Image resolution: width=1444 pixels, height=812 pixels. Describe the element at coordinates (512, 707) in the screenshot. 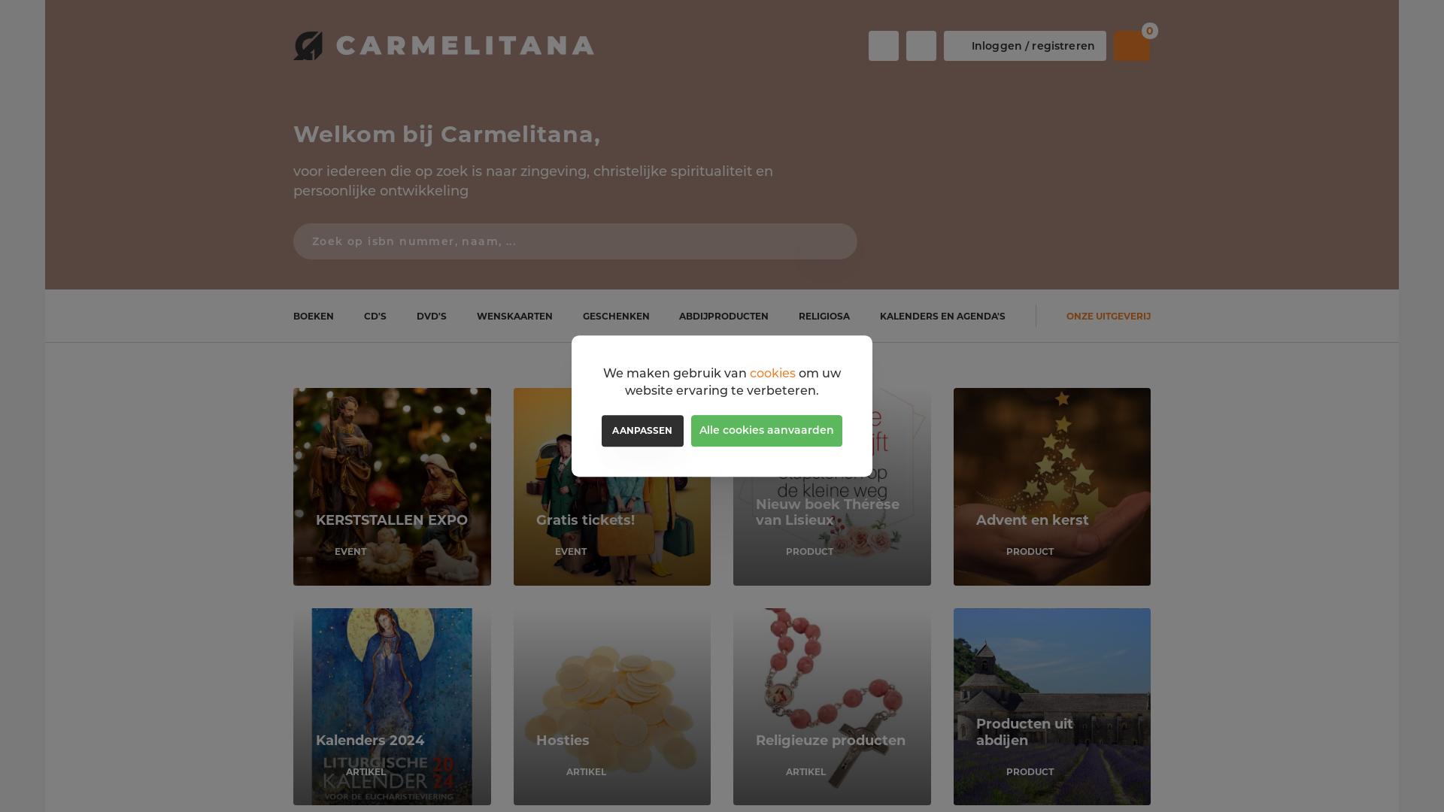

I see `'Hosties` at that location.